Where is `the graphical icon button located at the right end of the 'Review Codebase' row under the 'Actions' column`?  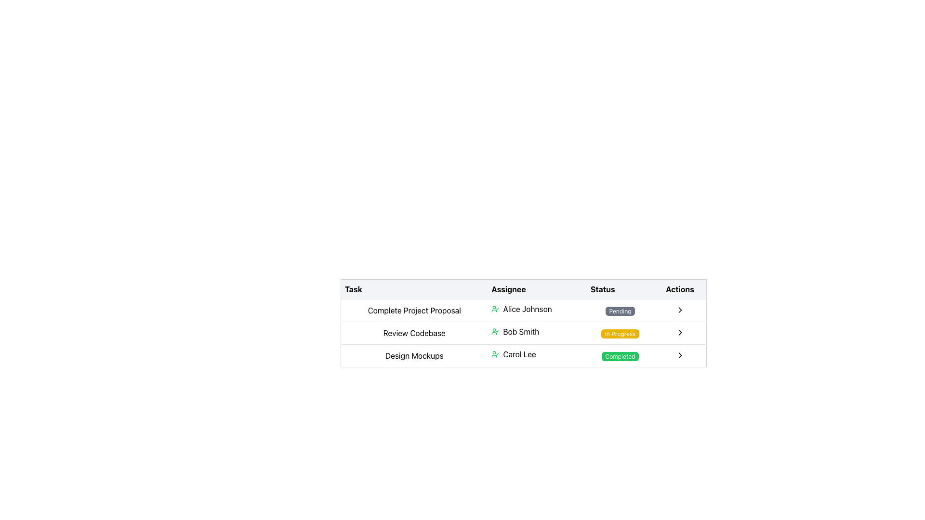
the graphical icon button located at the right end of the 'Review Codebase' row under the 'Actions' column is located at coordinates (679, 332).